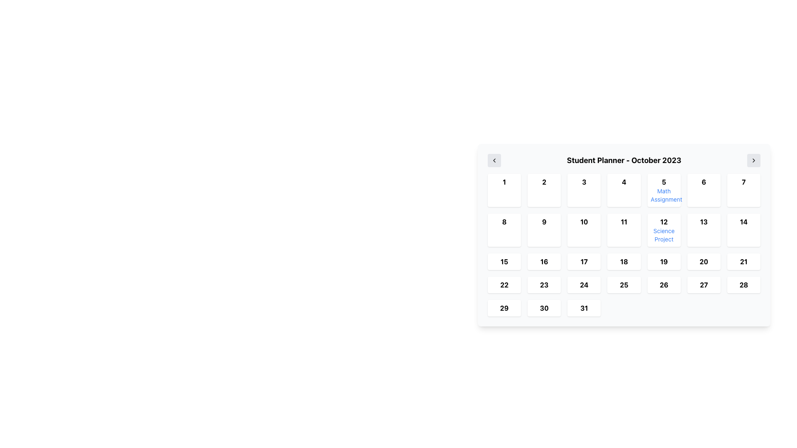 Image resolution: width=797 pixels, height=448 pixels. I want to click on the bold-styled text displaying the number '9', so click(544, 222).